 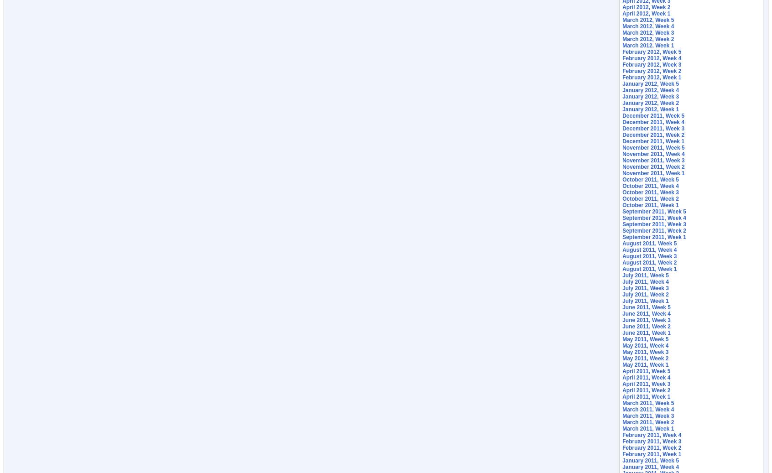 I want to click on 'January 2012, Week 5', so click(x=650, y=83).